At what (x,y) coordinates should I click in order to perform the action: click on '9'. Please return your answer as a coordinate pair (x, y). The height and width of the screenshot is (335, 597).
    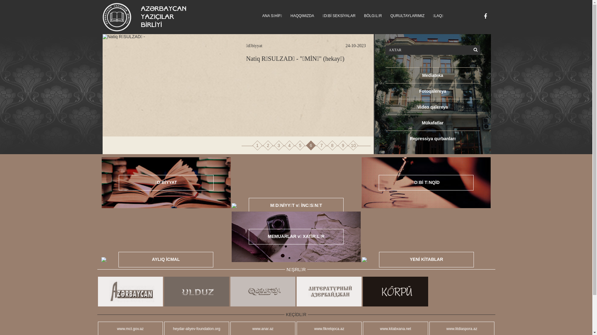
    Looking at the image, I should click on (343, 145).